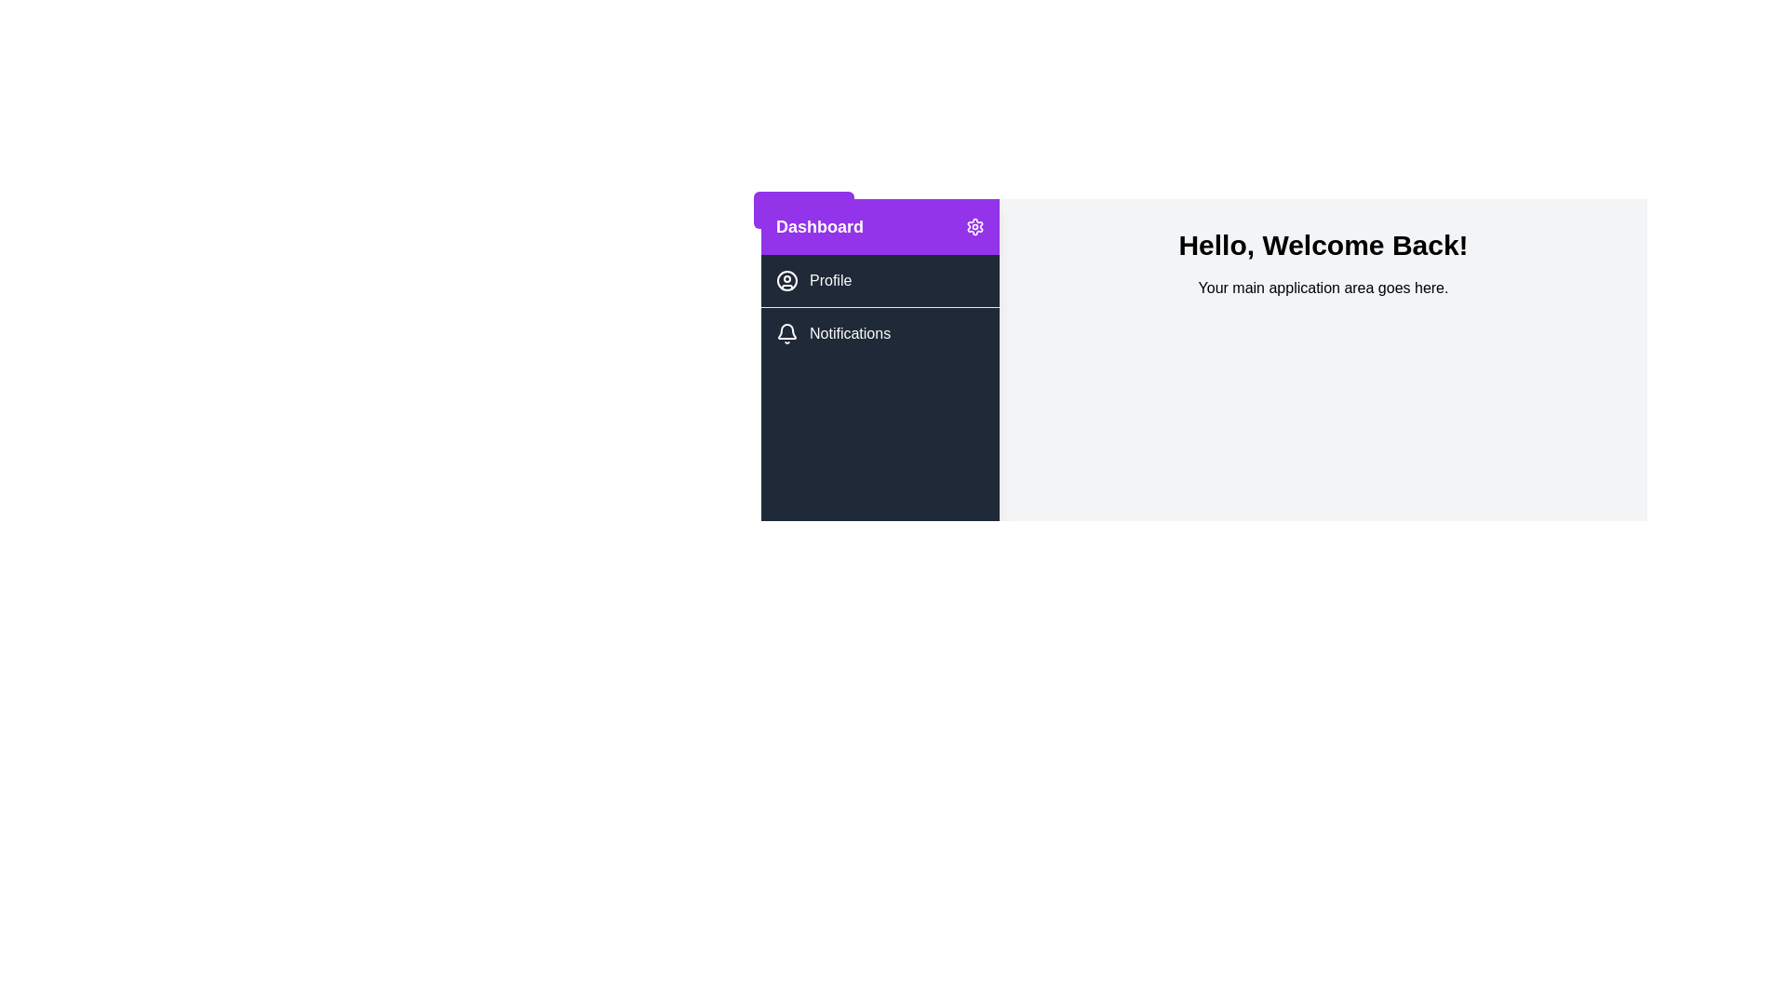  Describe the element at coordinates (819, 225) in the screenshot. I see `text from the heading label located in the top-left corner of the purple header in the sidebar` at that location.